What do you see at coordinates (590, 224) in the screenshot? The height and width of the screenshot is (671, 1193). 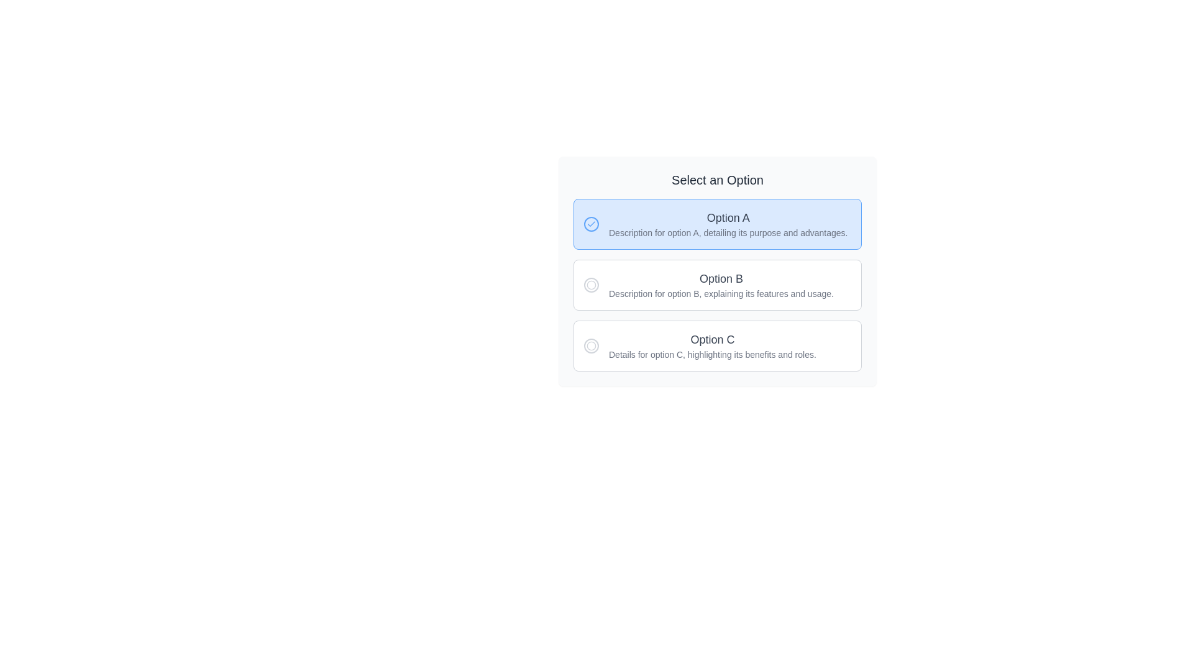 I see `the selection indicator with a blue border and checkmark icon located in the top-left corner of the 'Option A' section` at bounding box center [590, 224].